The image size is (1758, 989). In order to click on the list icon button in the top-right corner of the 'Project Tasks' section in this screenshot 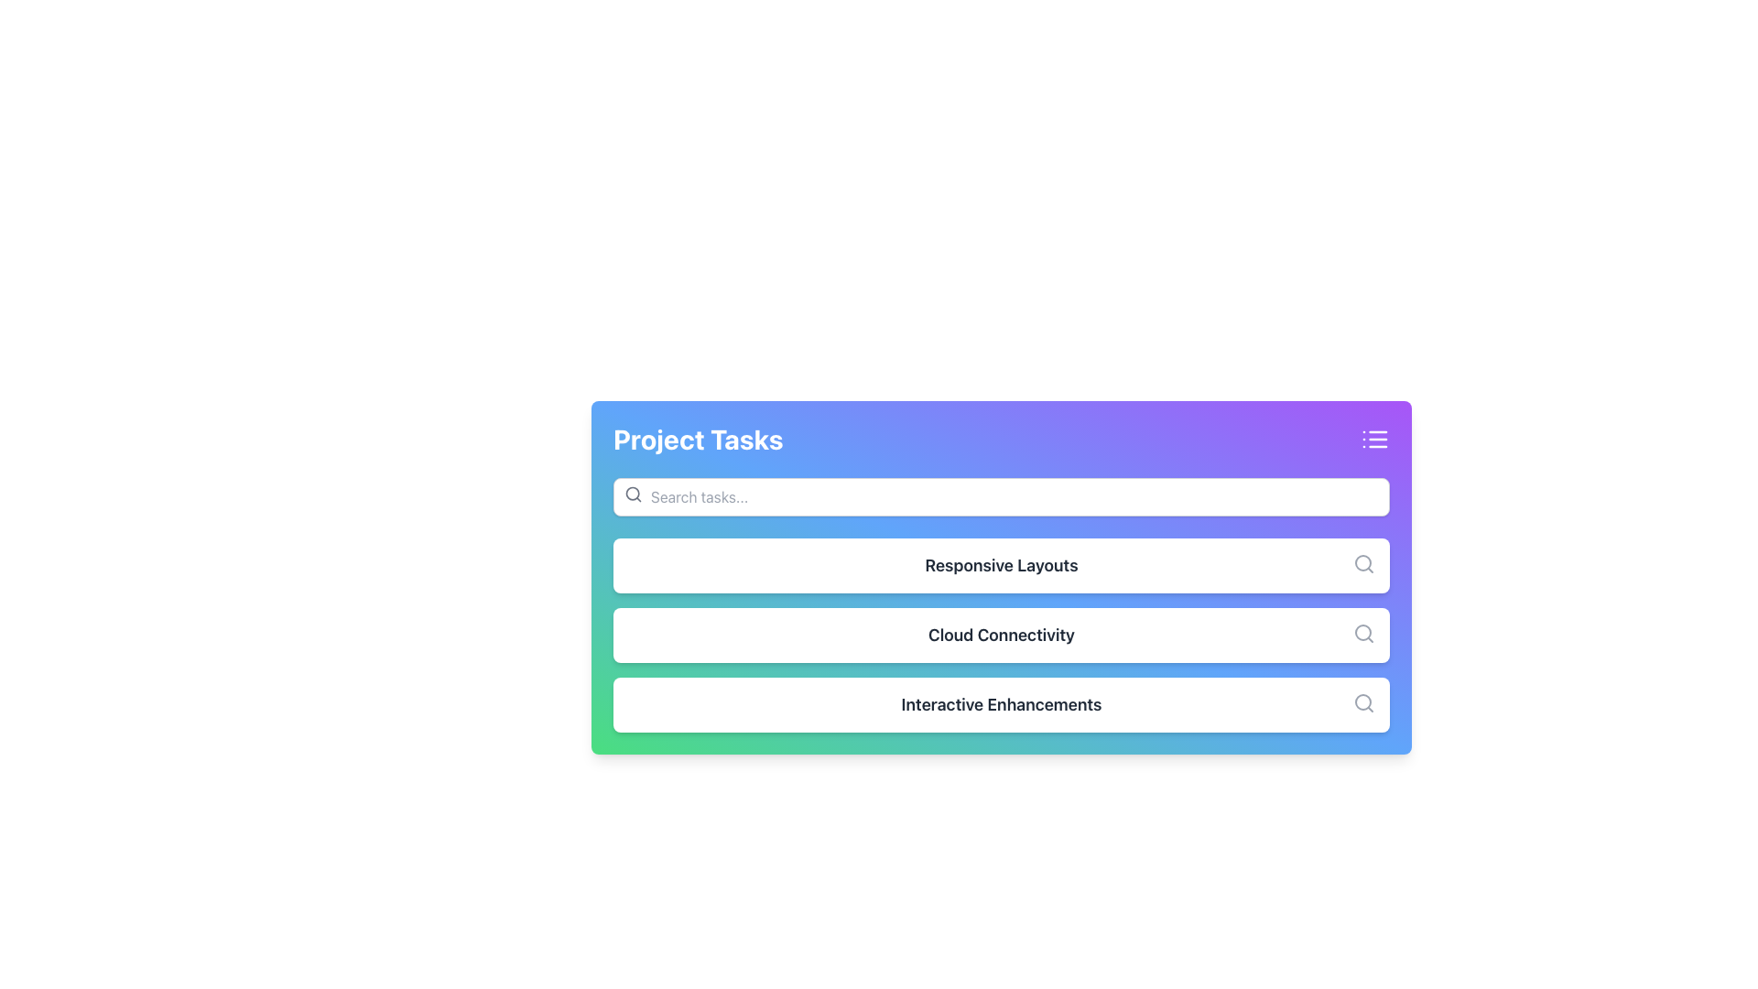, I will do `click(1375, 439)`.